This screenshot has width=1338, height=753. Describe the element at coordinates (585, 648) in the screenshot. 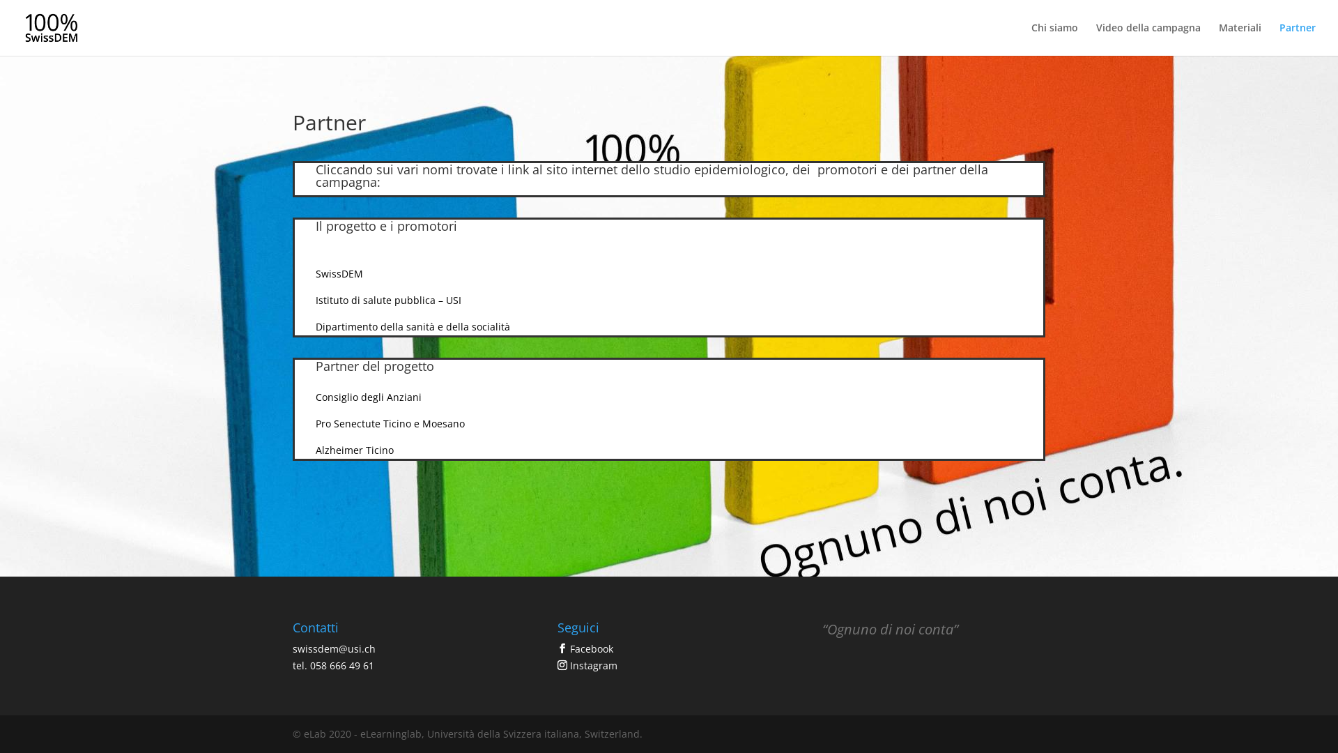

I see `'Facebook'` at that location.